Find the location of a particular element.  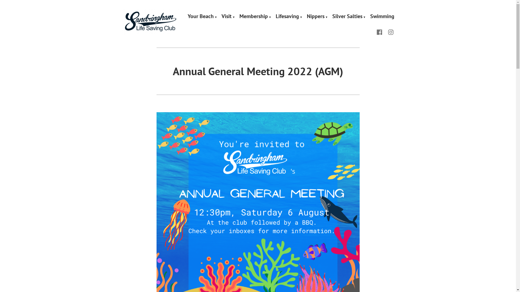

'Your Beach' is located at coordinates (187, 16).